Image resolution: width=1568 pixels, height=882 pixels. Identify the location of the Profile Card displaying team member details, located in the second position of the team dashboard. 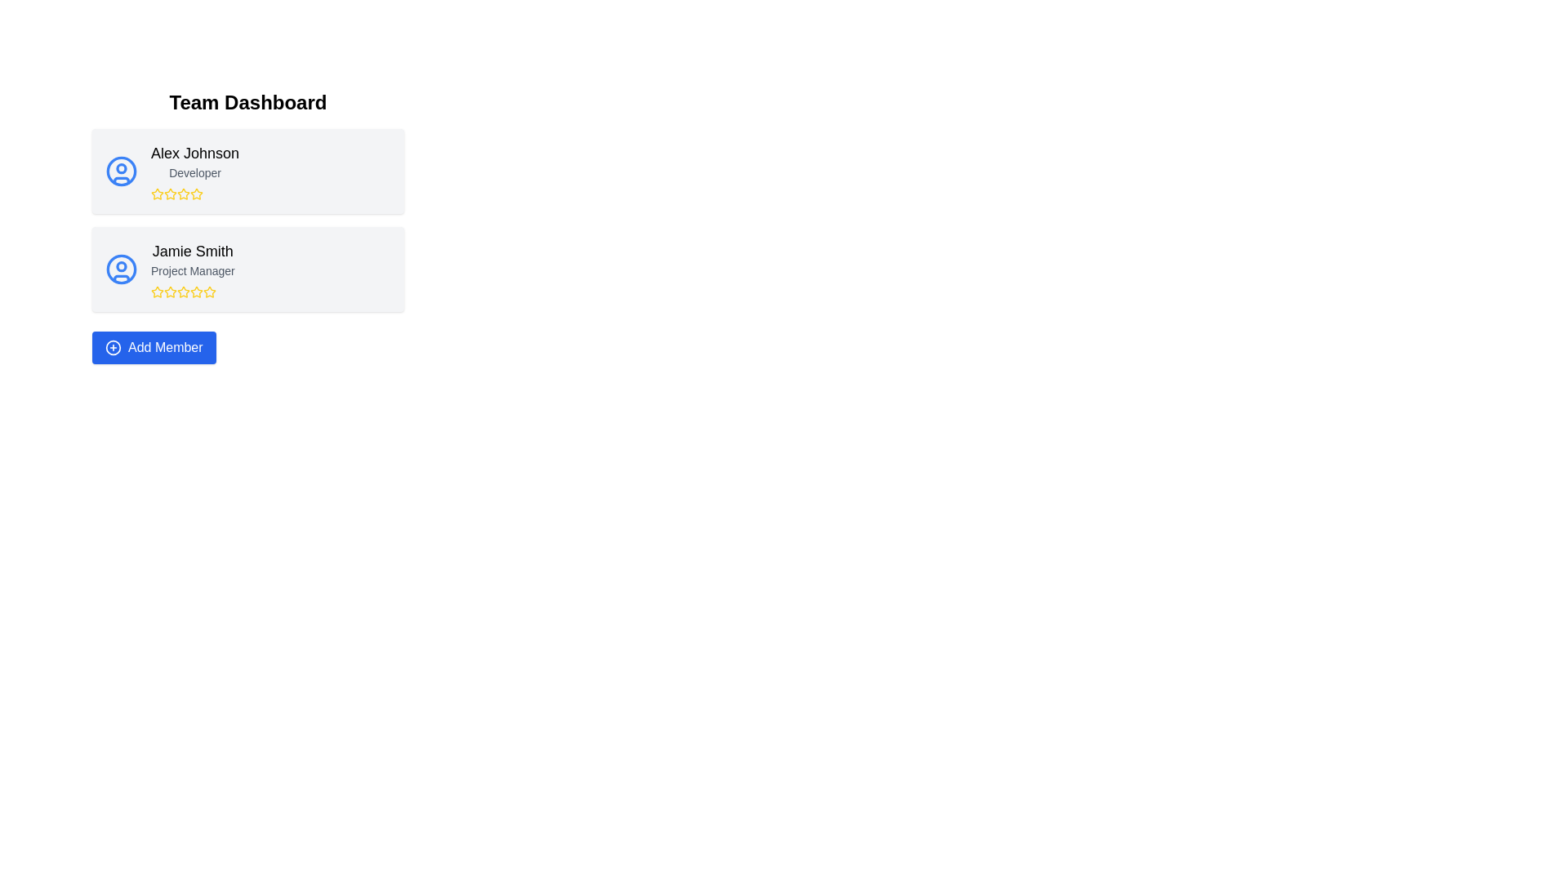
(247, 269).